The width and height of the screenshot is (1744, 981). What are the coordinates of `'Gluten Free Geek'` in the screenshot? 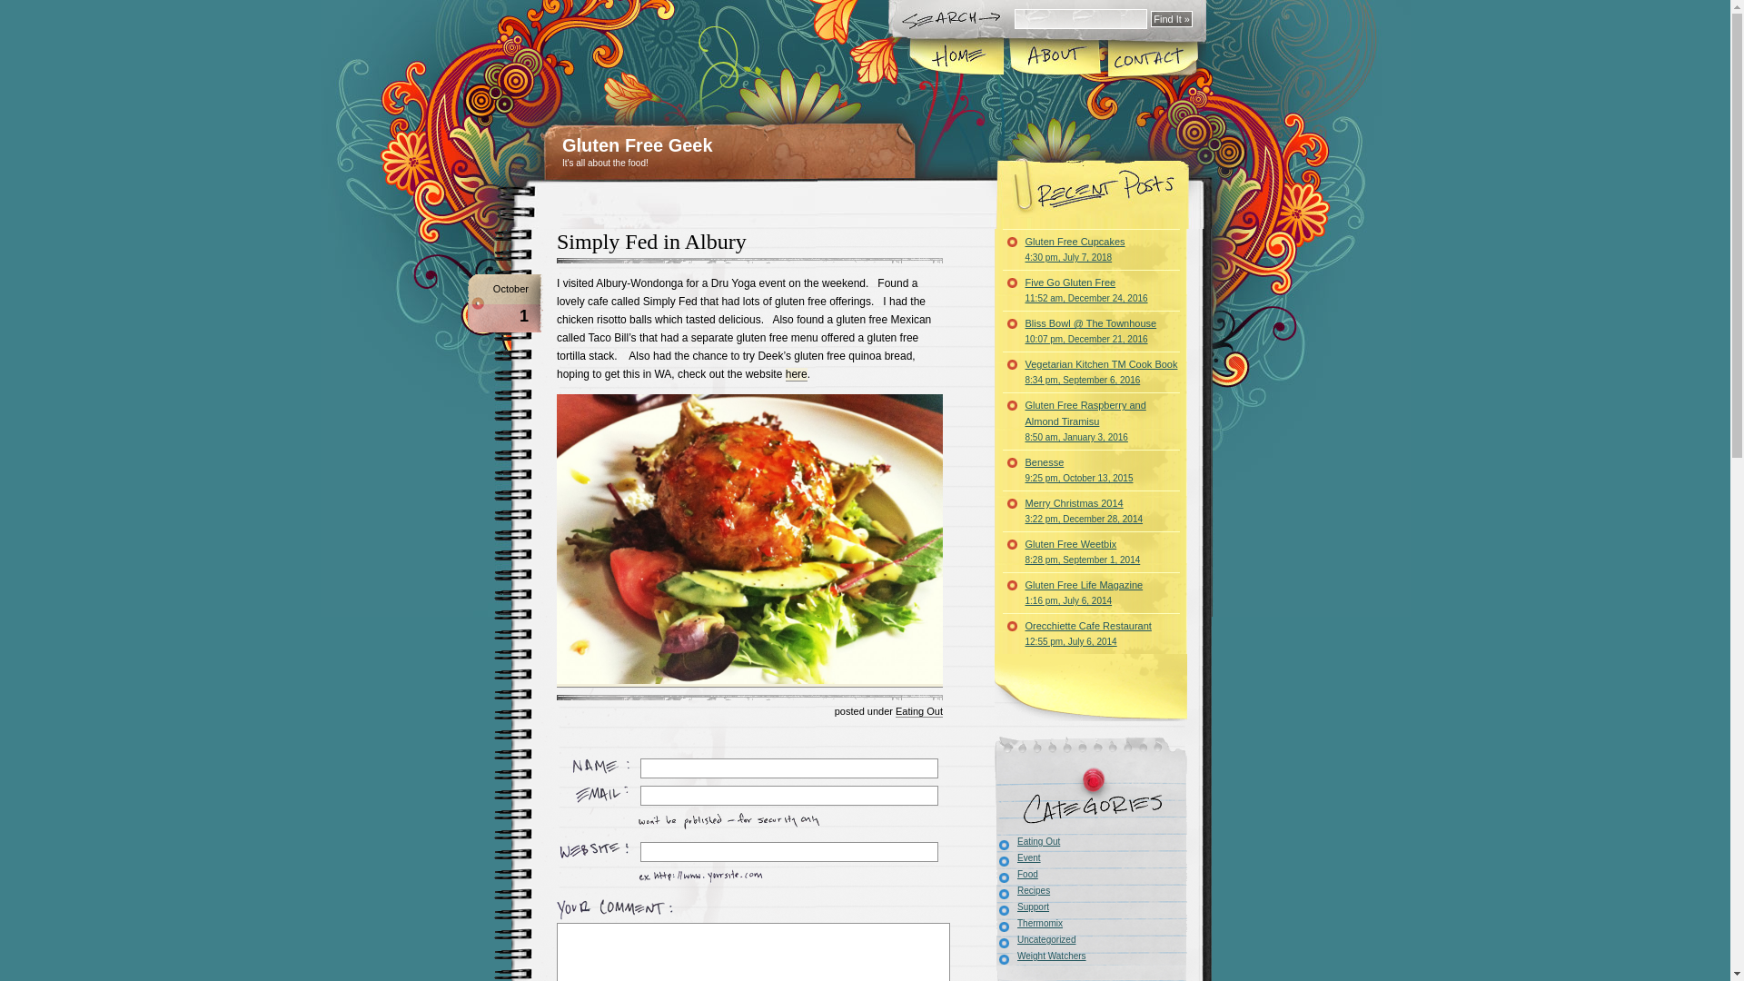 It's located at (637, 144).